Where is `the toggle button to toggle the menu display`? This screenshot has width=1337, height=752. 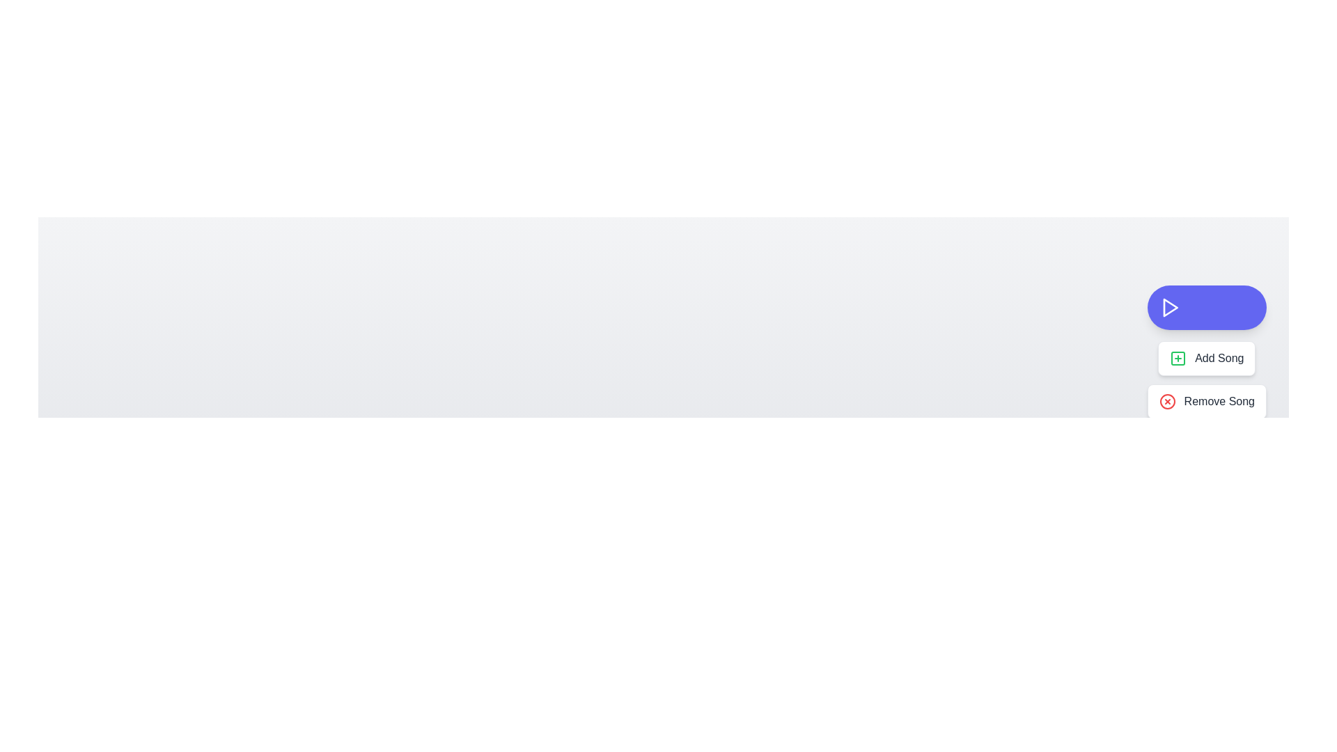 the toggle button to toggle the menu display is located at coordinates (1205, 307).